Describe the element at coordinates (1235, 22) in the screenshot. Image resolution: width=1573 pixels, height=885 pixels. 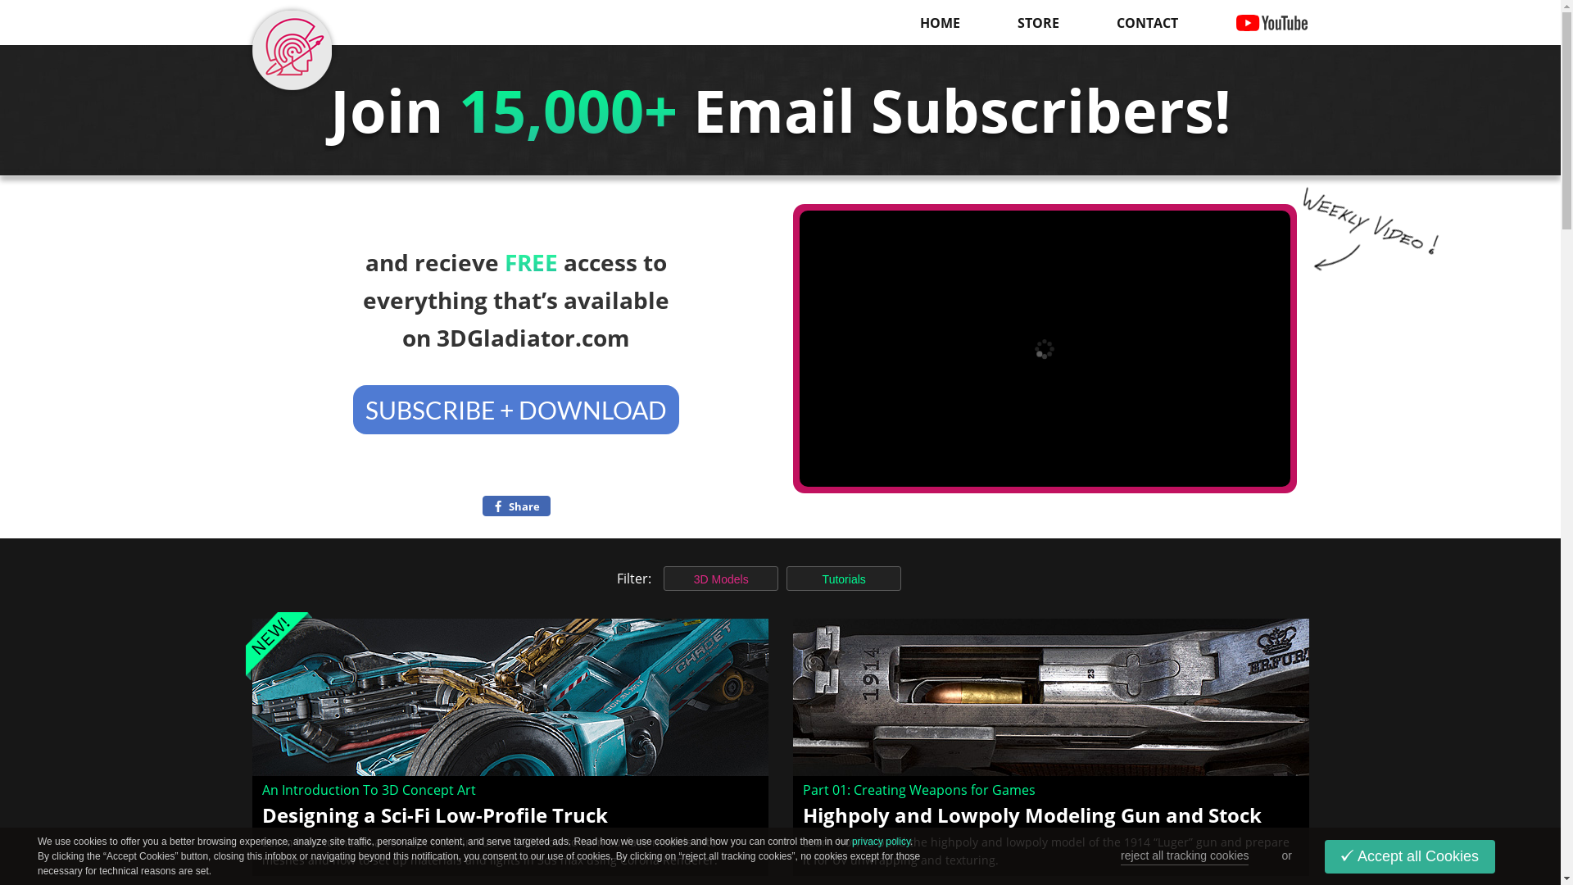
I see `'YOUTUBE'` at that location.